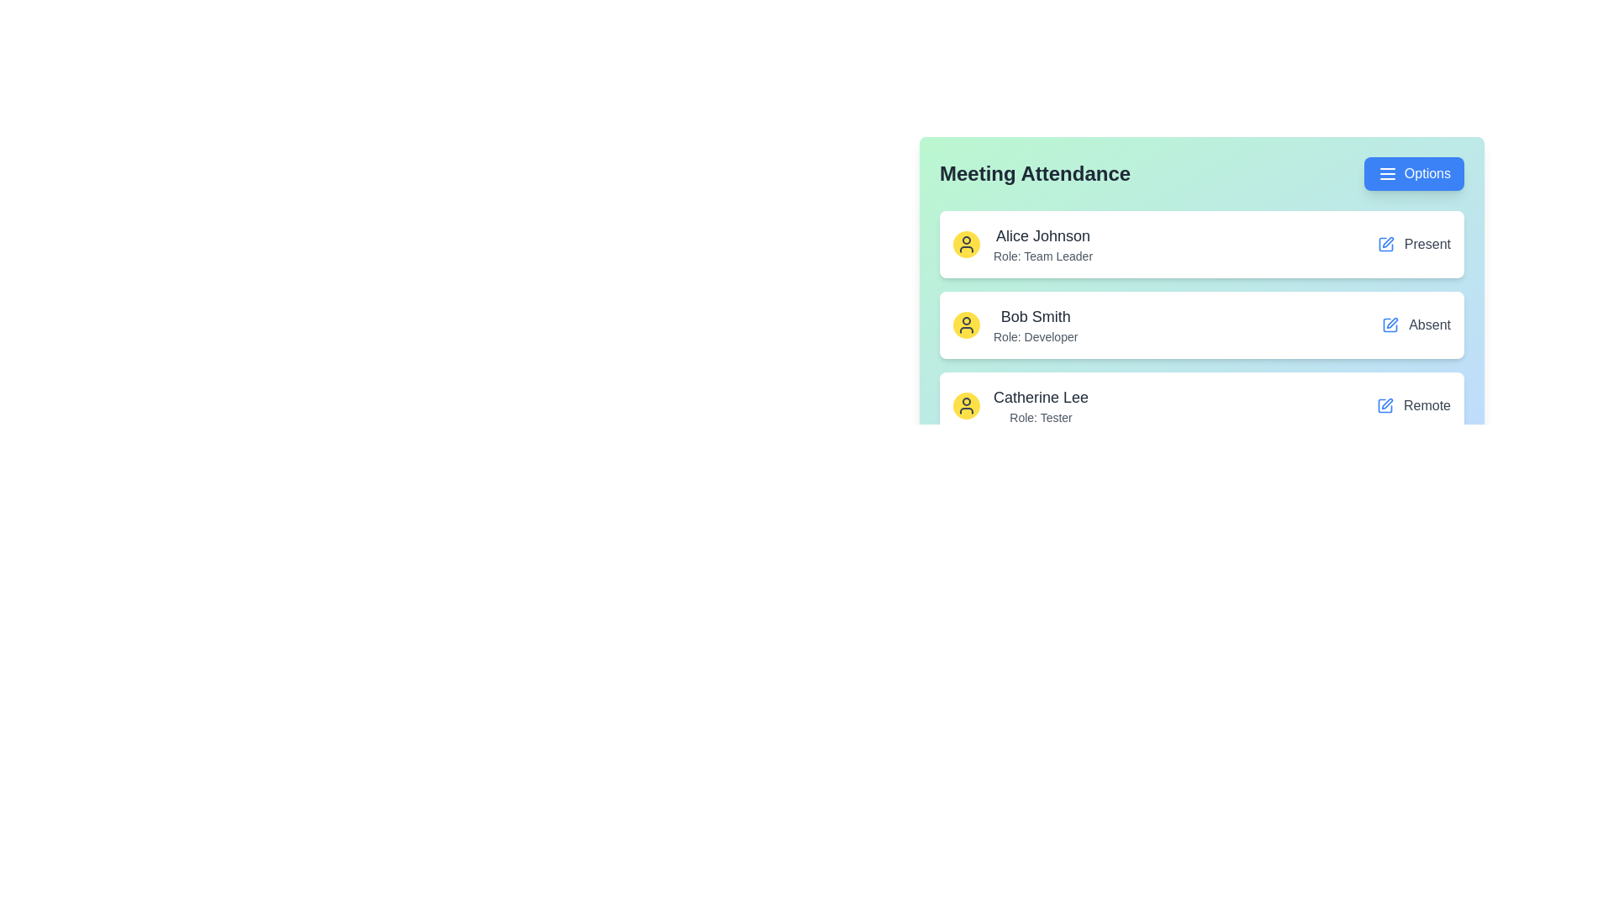 Image resolution: width=1614 pixels, height=908 pixels. Describe the element at coordinates (1020, 405) in the screenshot. I see `the Informational row containing the user icon and the text 'Catherine Lee' and 'Role: Tester', which is the third item in the 'Meeting Attendance' list` at that location.